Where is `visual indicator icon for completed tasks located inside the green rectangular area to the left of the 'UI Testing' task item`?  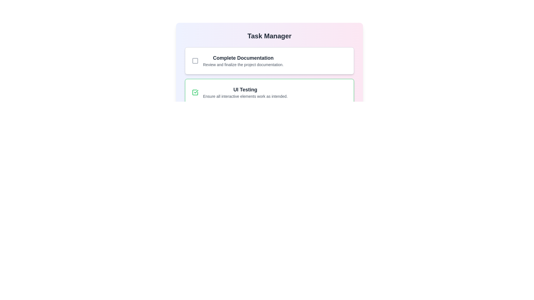
visual indicator icon for completed tasks located inside the green rectangular area to the left of the 'UI Testing' task item is located at coordinates (196, 91).